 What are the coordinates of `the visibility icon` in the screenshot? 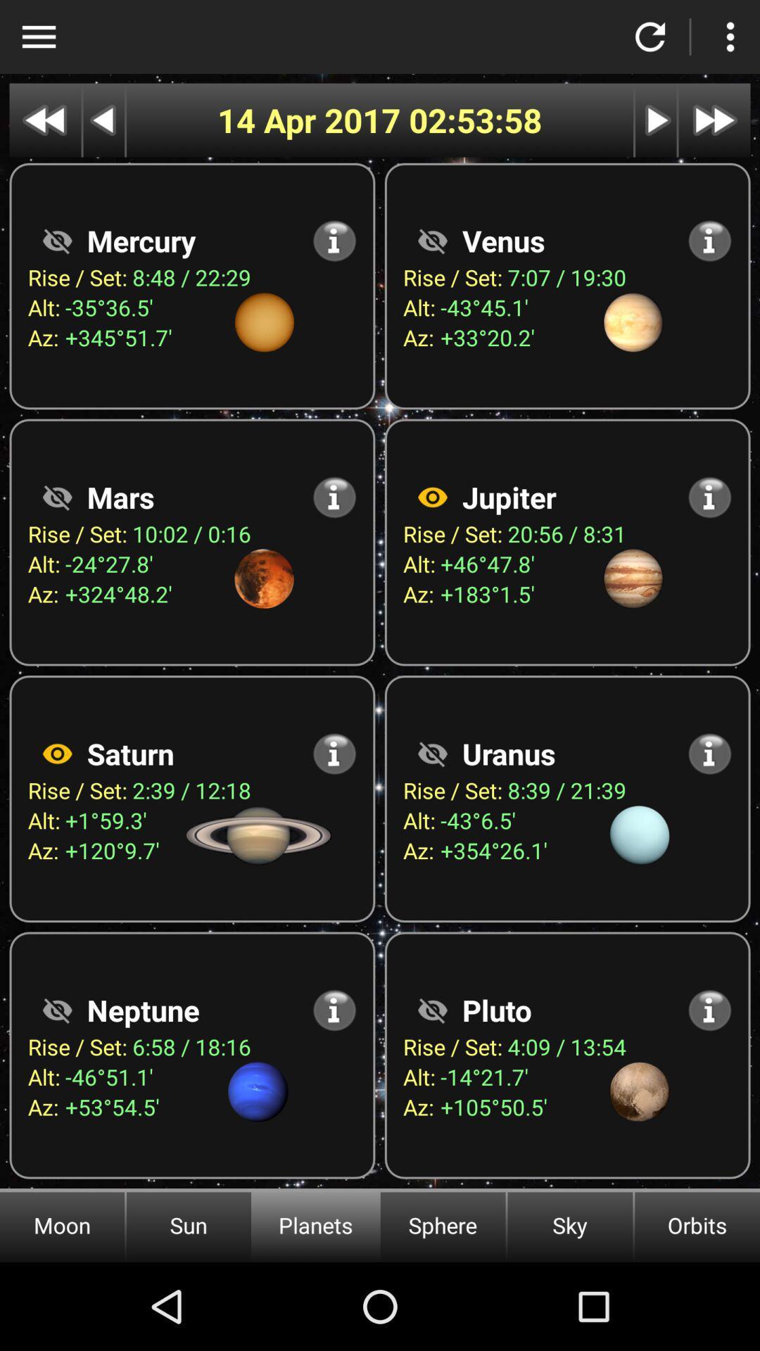 It's located at (431, 1009).